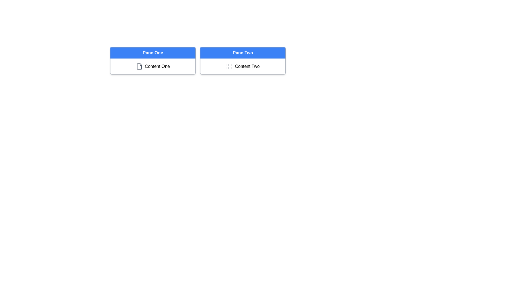 The image size is (530, 298). Describe the element at coordinates (243, 66) in the screenshot. I see `the 'Content Two' button, which is a rectangular area with a grid icon and the label 'Content Two', located in the second pane labeled 'Pane Two'` at that location.